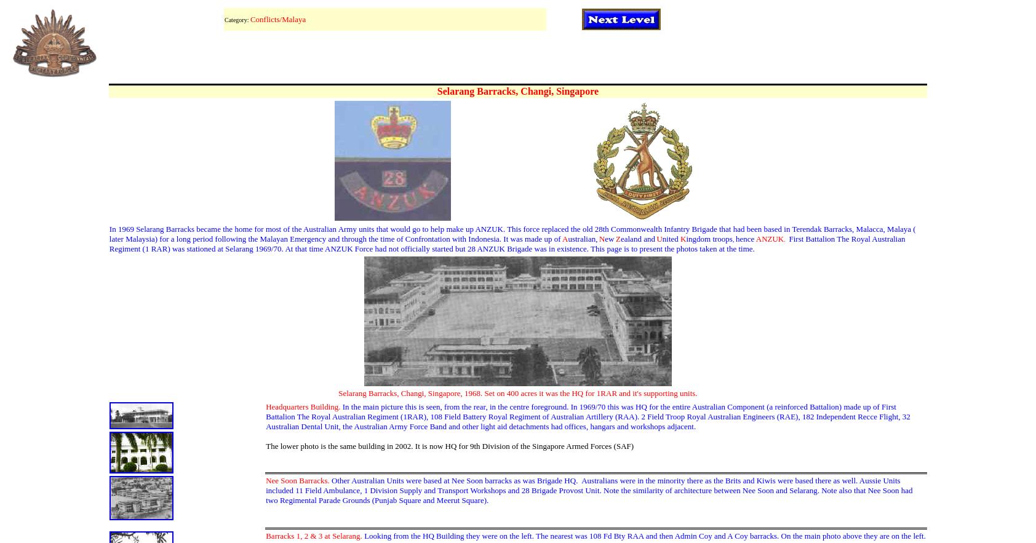 The height and width of the screenshot is (543, 1036). What do you see at coordinates (237, 19) in the screenshot?
I see `'Category:'` at bounding box center [237, 19].